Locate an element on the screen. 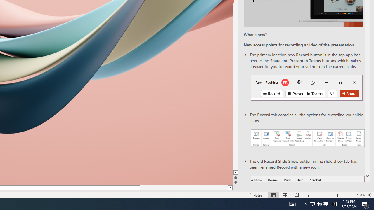  'Record your presentations screenshot one' is located at coordinates (307, 138).